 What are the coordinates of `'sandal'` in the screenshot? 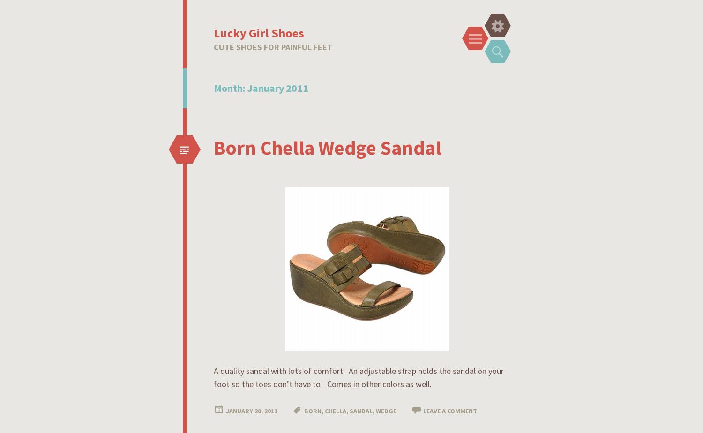 It's located at (361, 411).